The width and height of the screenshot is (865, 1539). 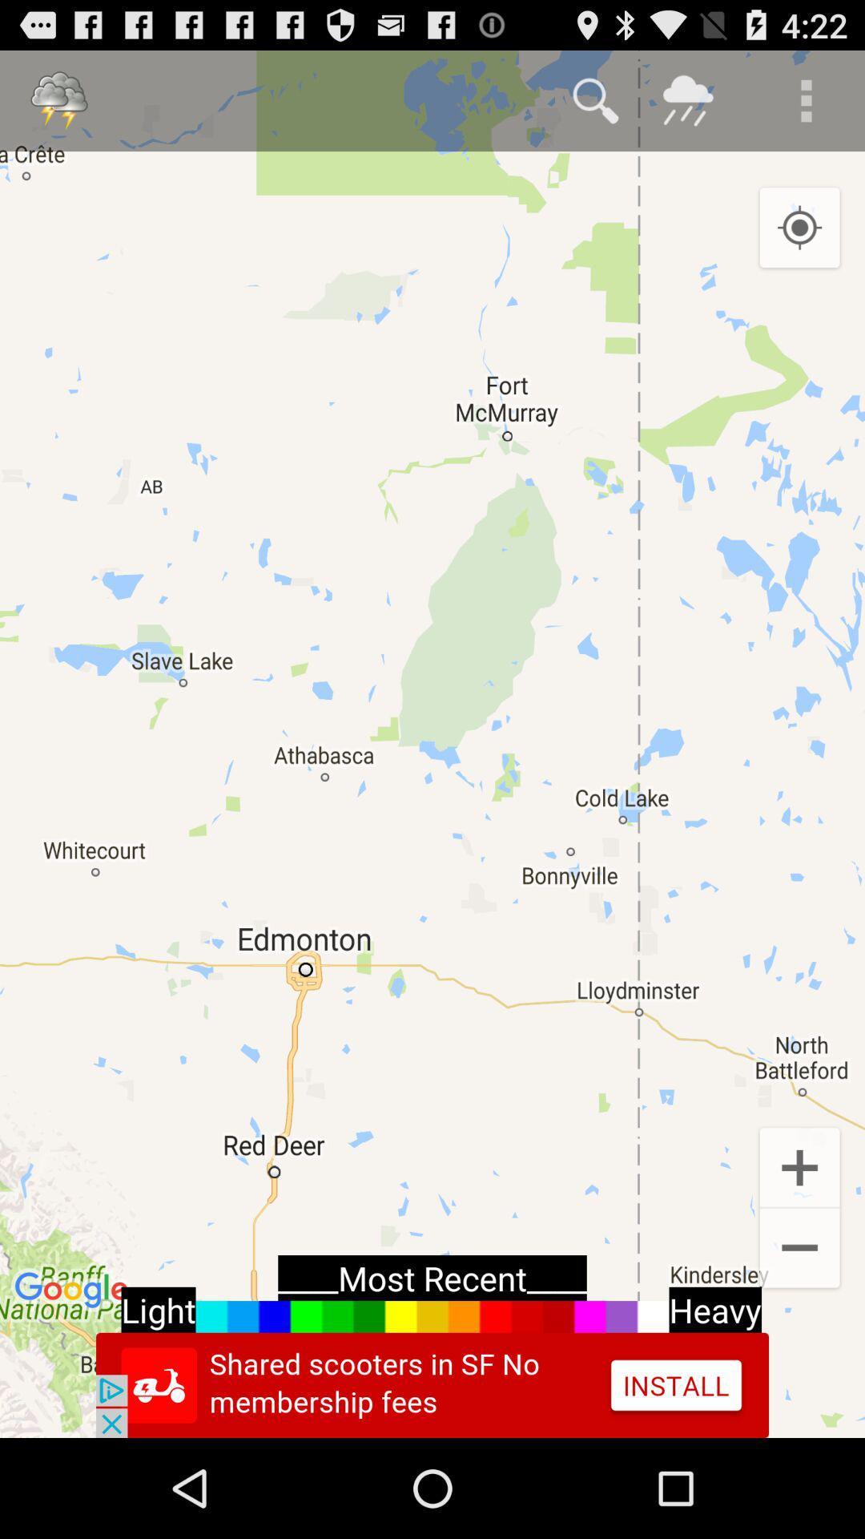 I want to click on advertisement, so click(x=432, y=1384).